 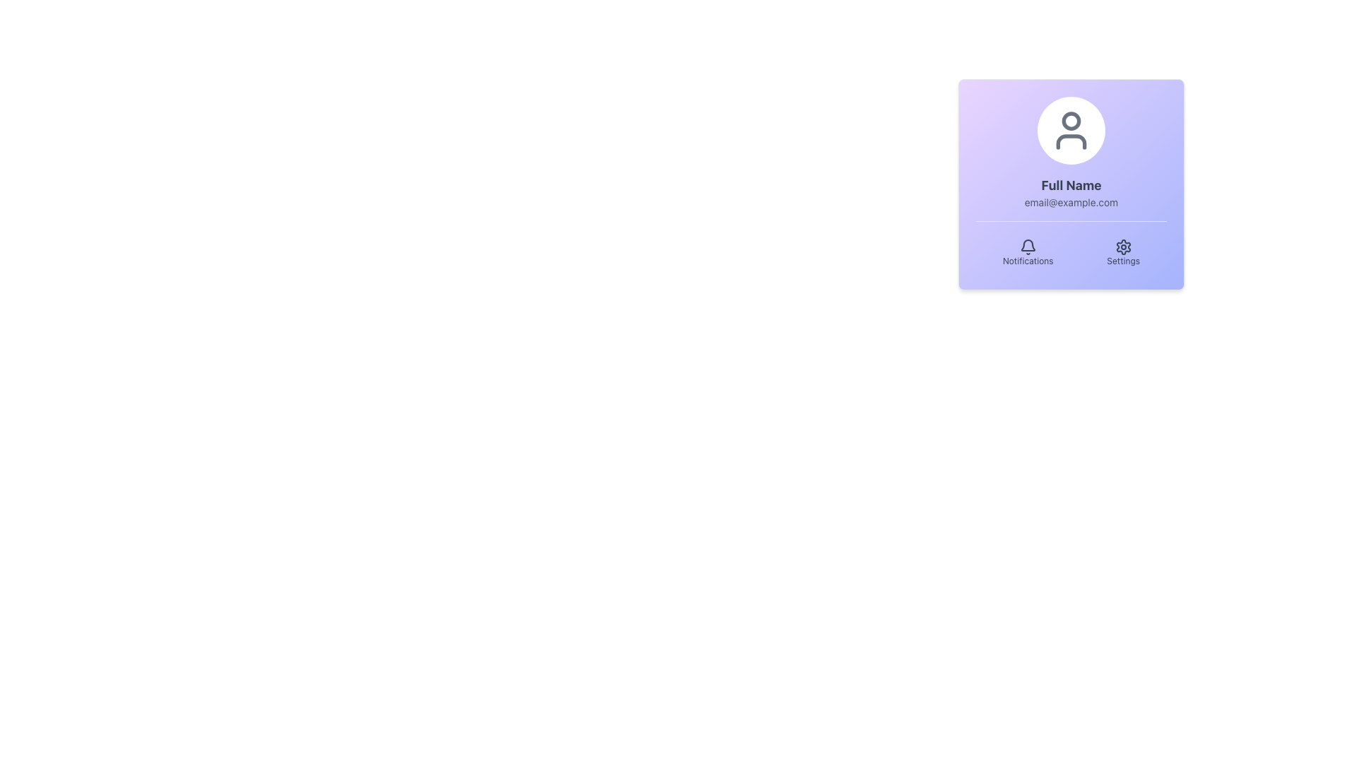 I want to click on text label that corresponds to the settings functionality, located in the bottom-right corner of the user profile card, so click(x=1122, y=261).